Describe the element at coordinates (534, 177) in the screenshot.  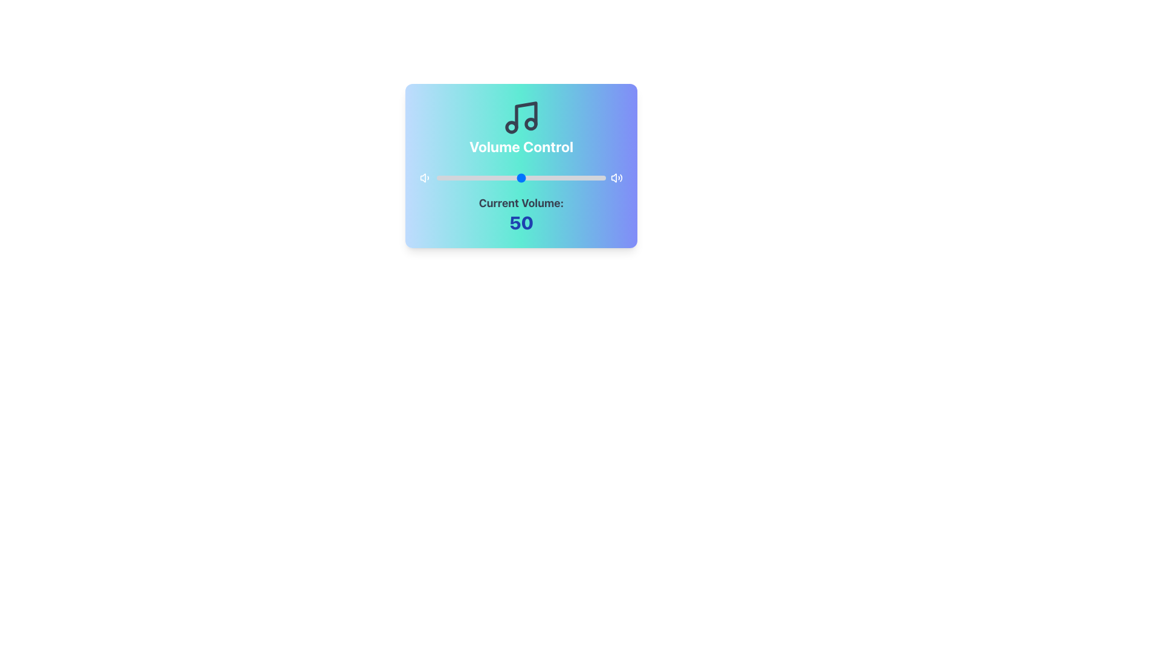
I see `the volume` at that location.